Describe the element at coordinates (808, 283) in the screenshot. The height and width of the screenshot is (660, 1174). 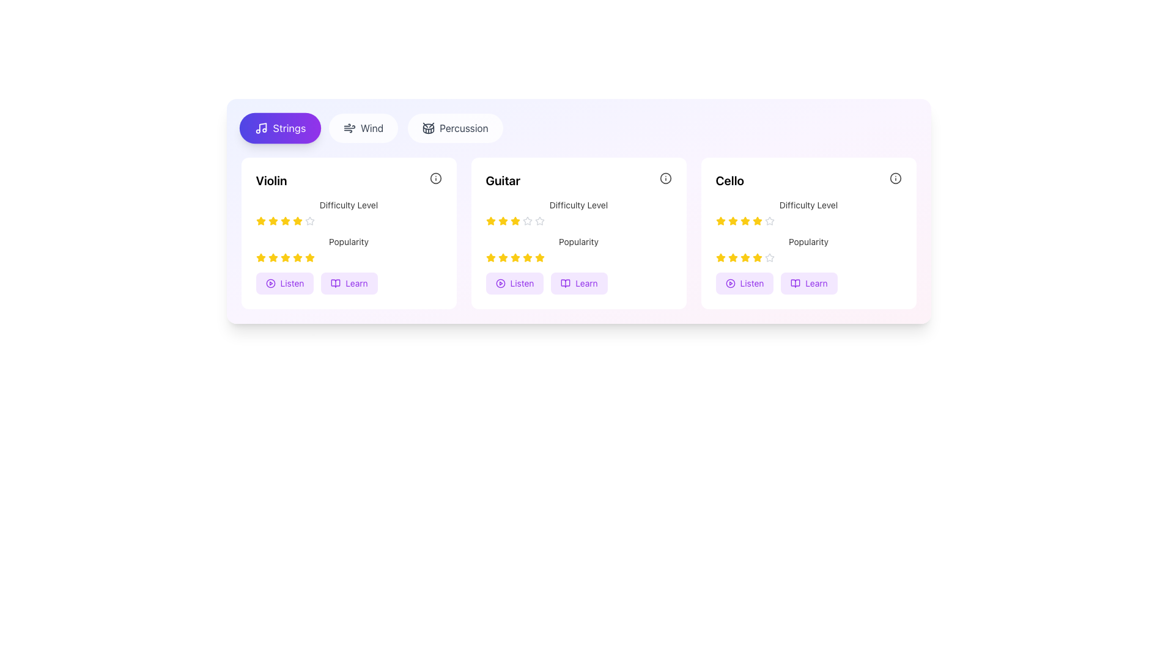
I see `the interactive button labeled 'Learn' at the bottom of the 'Cello' card` at that location.